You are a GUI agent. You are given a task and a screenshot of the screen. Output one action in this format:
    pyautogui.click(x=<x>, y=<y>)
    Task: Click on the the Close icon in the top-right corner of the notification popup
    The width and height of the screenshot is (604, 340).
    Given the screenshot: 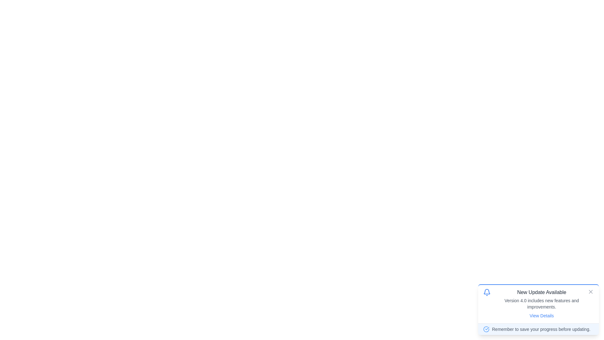 What is the action you would take?
    pyautogui.click(x=590, y=292)
    